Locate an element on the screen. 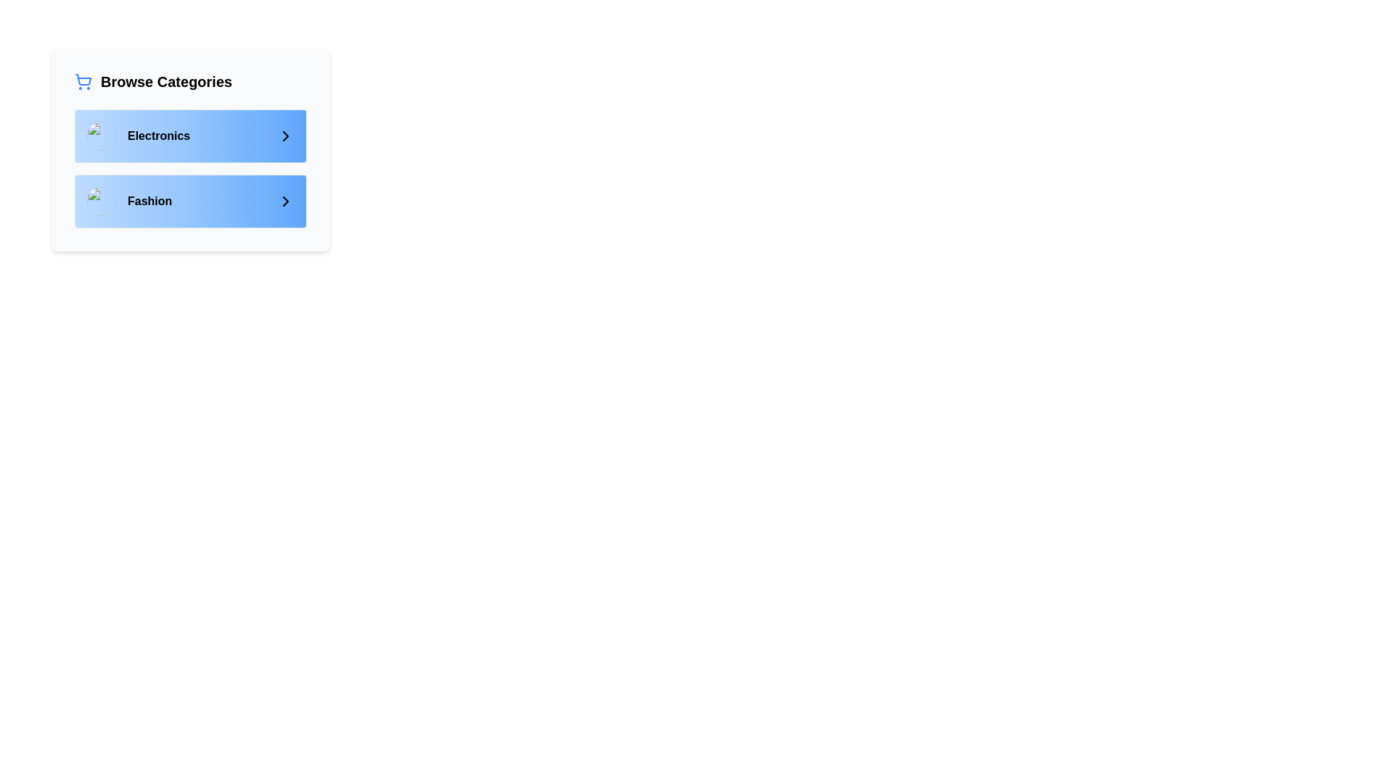 The image size is (1393, 783). the blue shopping cart icon located to the left of the 'Browse Categories' text is located at coordinates (83, 81).